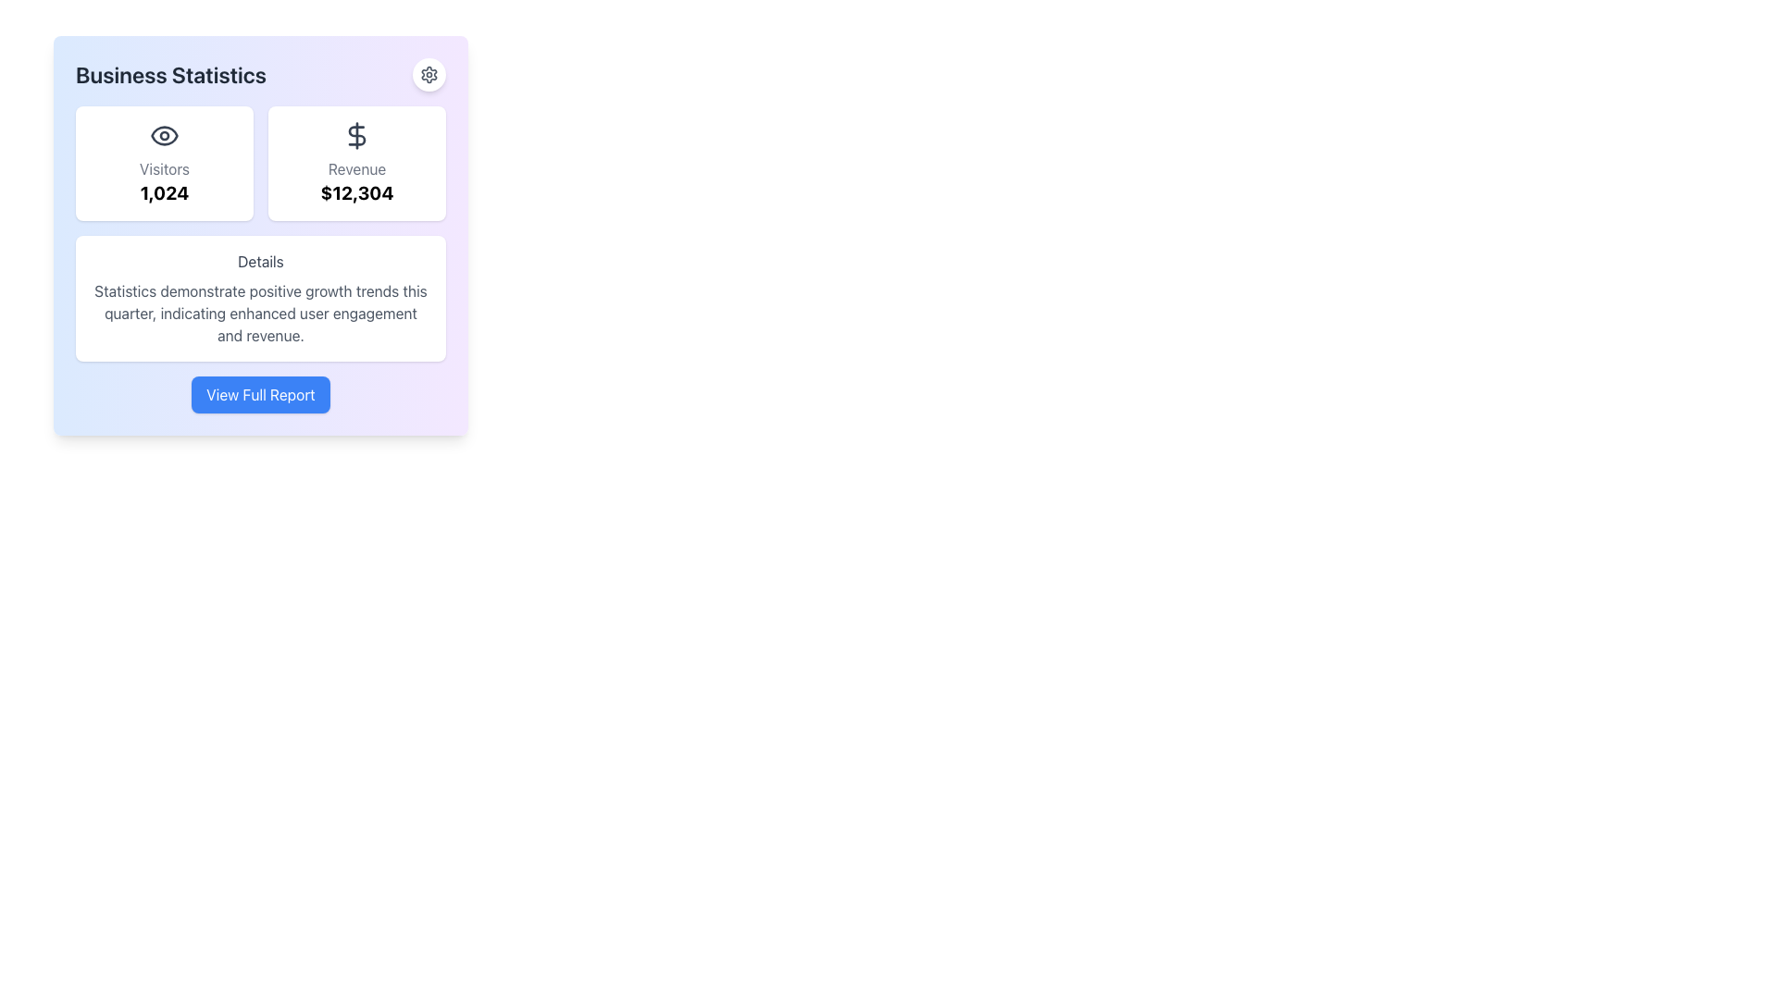  I want to click on the eye-shaped icon representing the 'Visitors' metric located in the 'Business Statistics' card, above the text 'Visitors' and '1,024', so click(164, 134).